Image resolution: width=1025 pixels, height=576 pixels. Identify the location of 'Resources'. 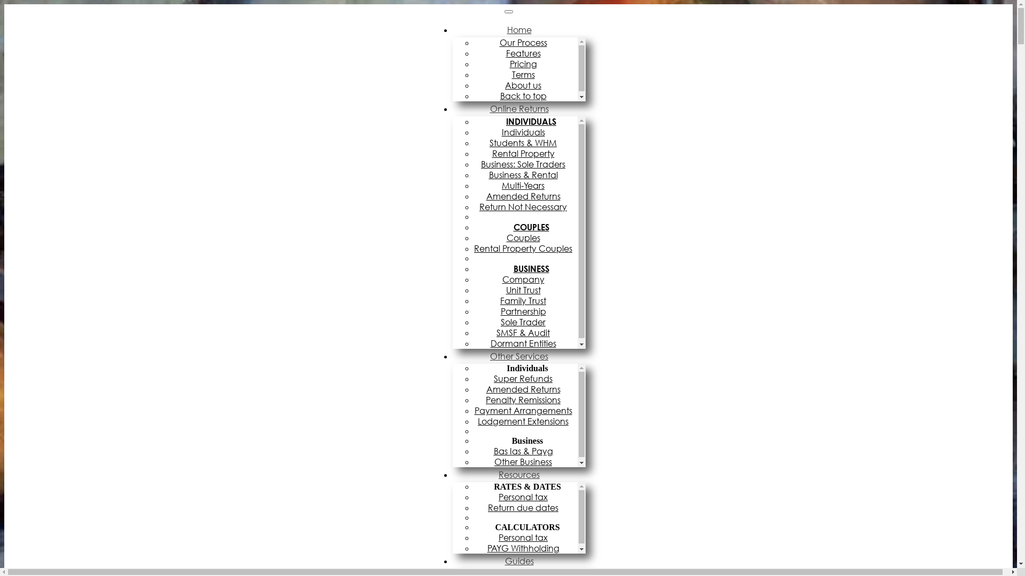
(519, 474).